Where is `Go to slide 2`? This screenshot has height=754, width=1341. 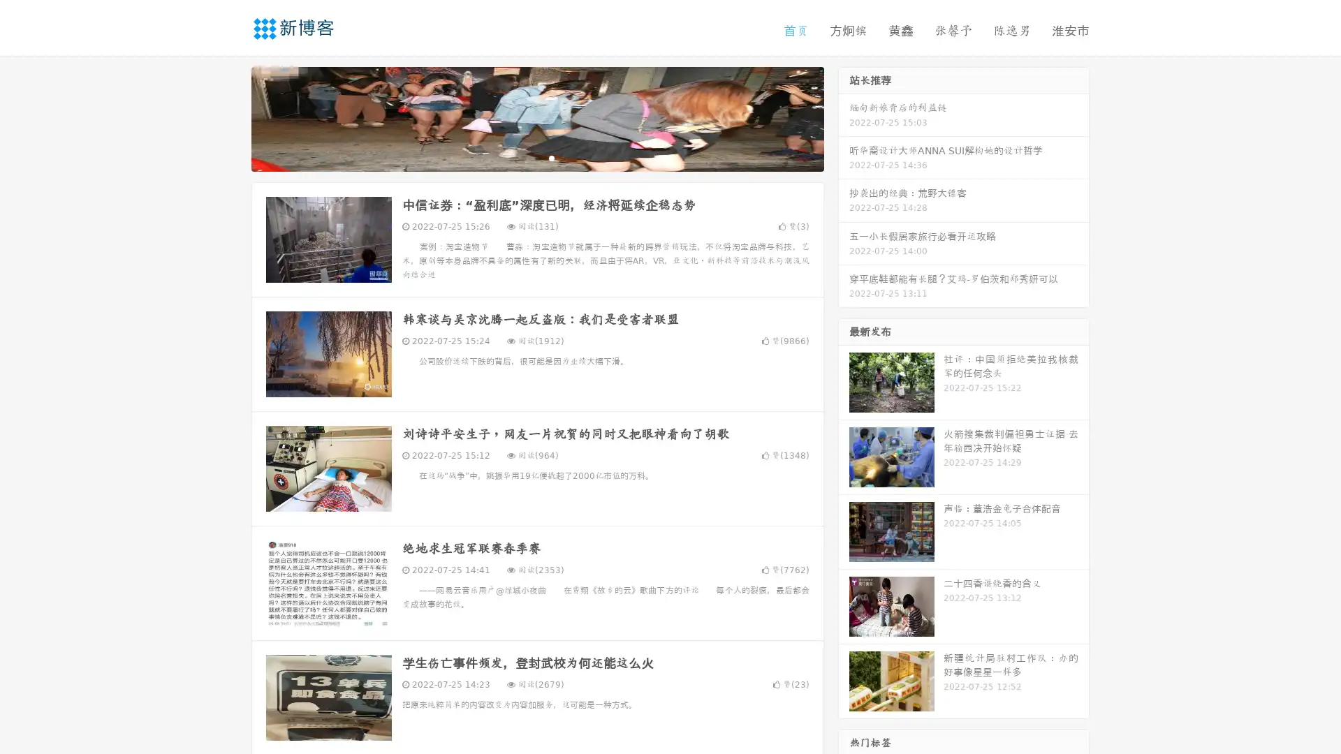 Go to slide 2 is located at coordinates (536, 157).